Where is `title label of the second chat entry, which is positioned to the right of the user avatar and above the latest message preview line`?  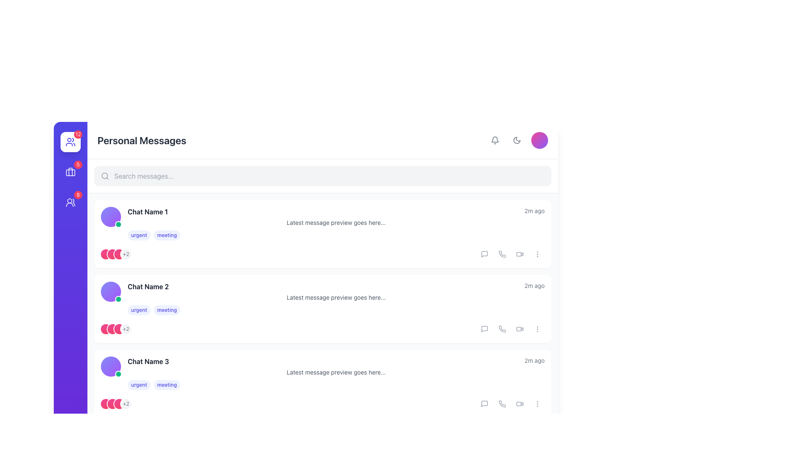
title label of the second chat entry, which is positioned to the right of the user avatar and above the latest message preview line is located at coordinates (148, 286).